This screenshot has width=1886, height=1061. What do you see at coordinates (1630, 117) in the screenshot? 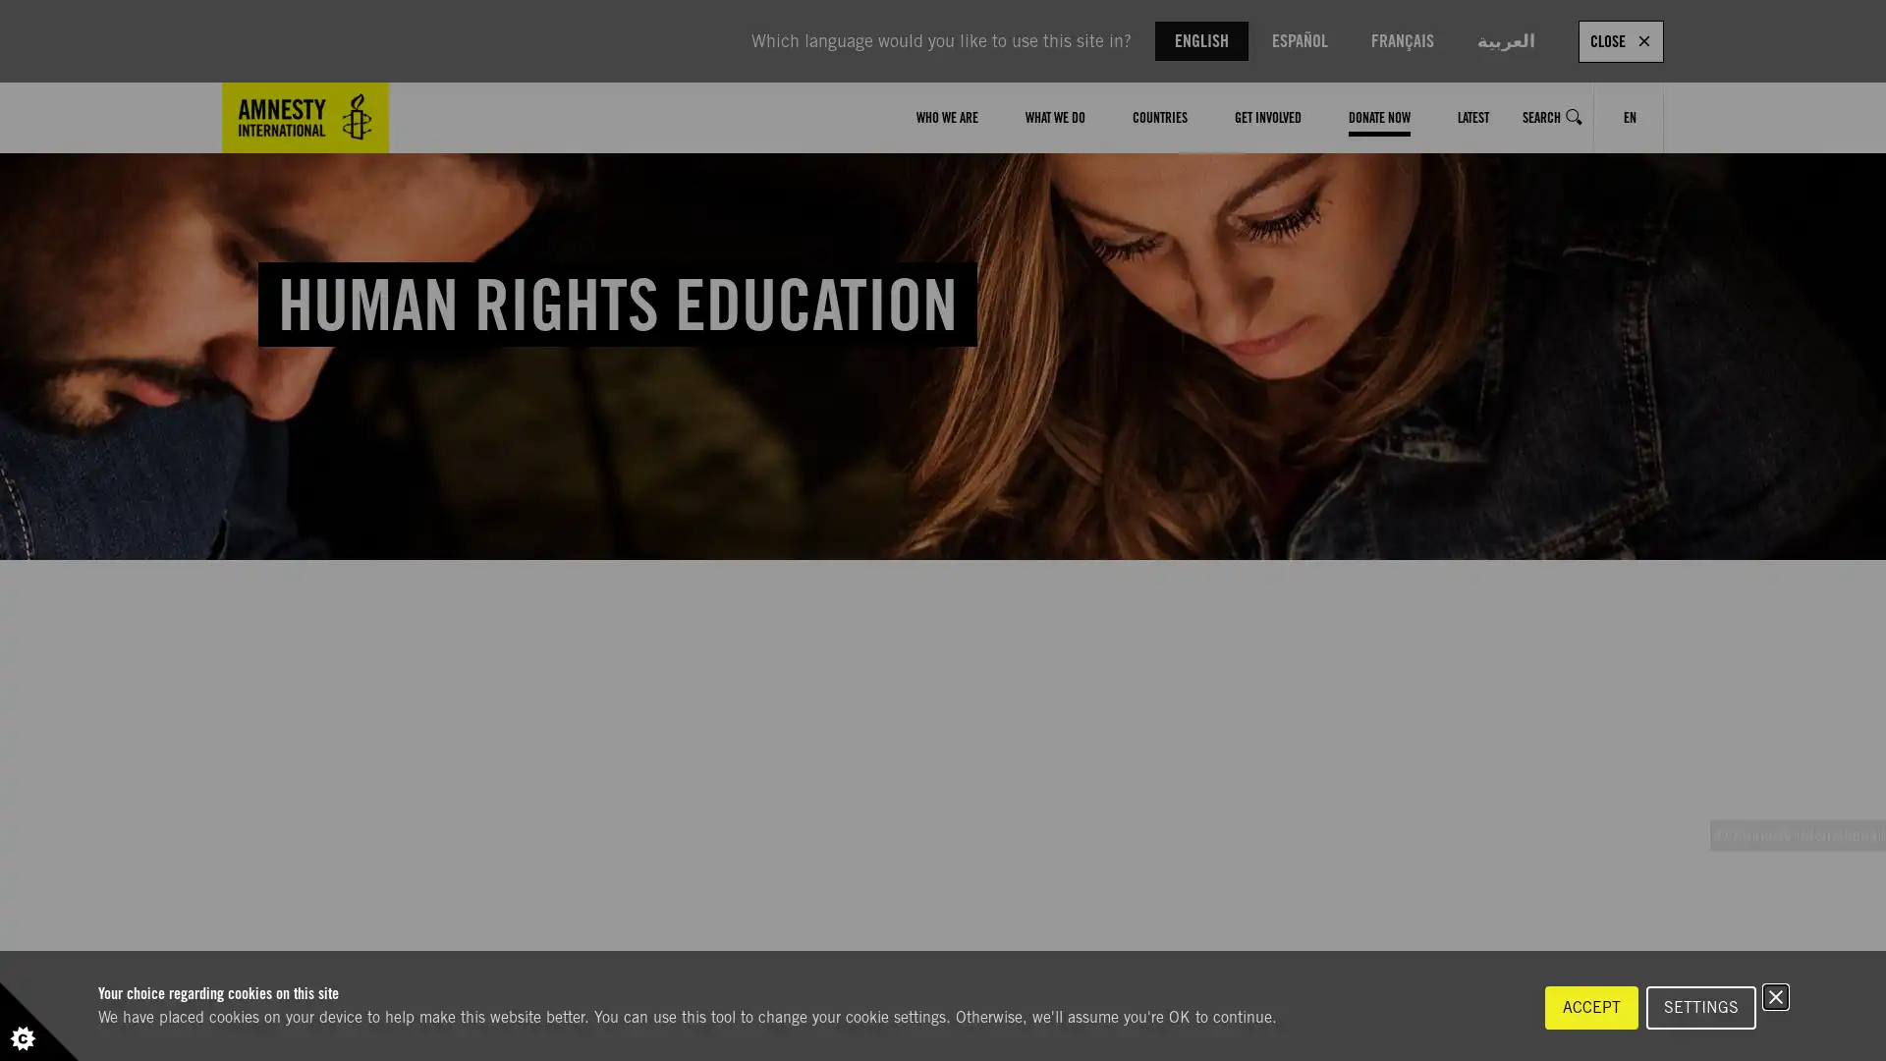
I see `Choose language` at bounding box center [1630, 117].